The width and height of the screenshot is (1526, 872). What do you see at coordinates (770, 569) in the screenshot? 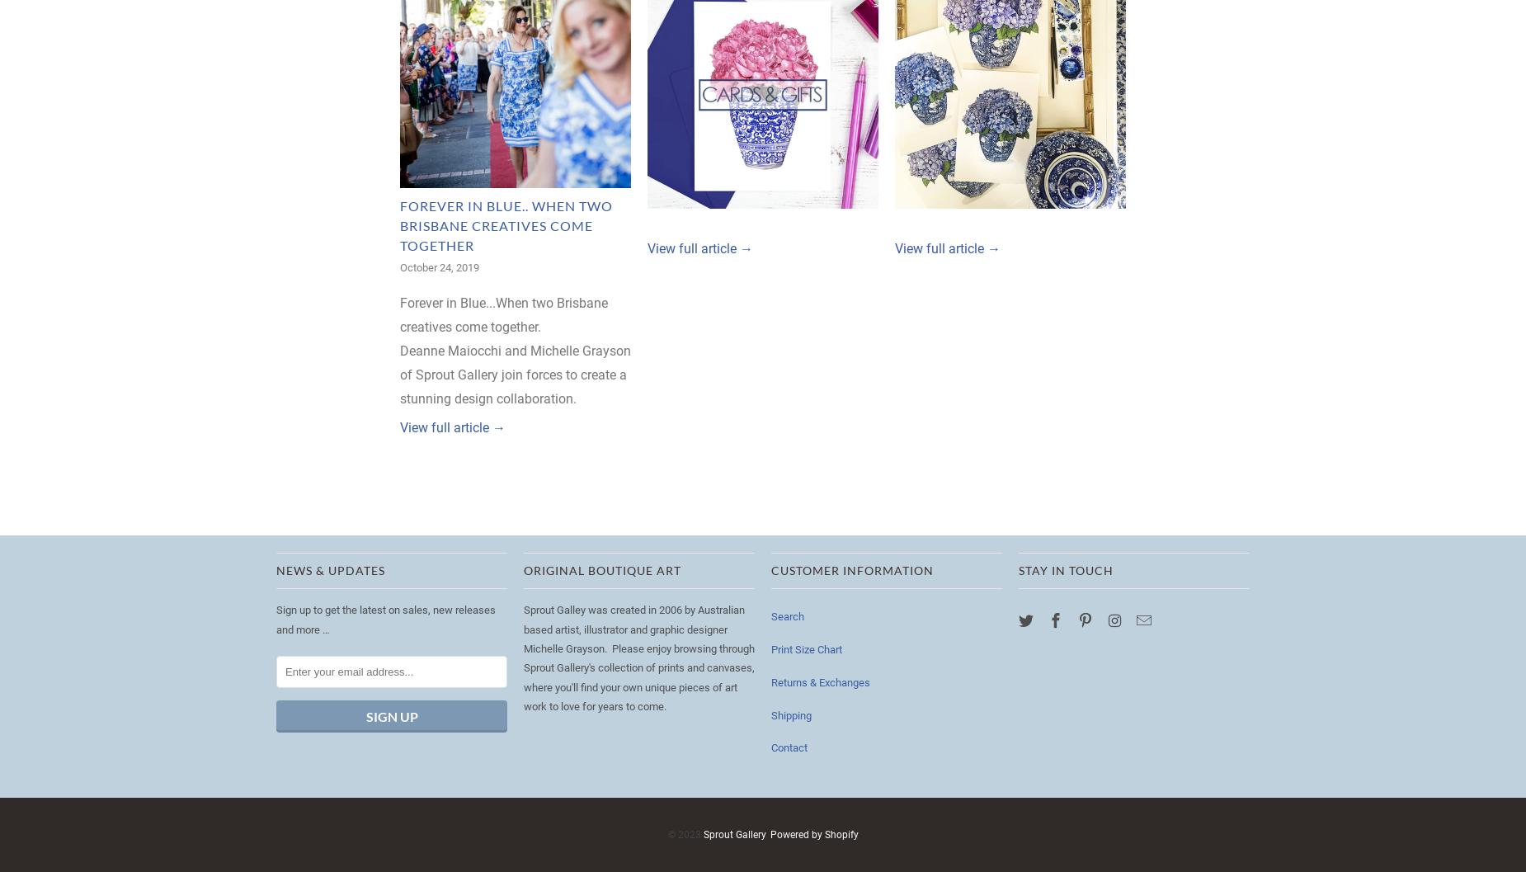
I see `'Customer Information'` at bounding box center [770, 569].